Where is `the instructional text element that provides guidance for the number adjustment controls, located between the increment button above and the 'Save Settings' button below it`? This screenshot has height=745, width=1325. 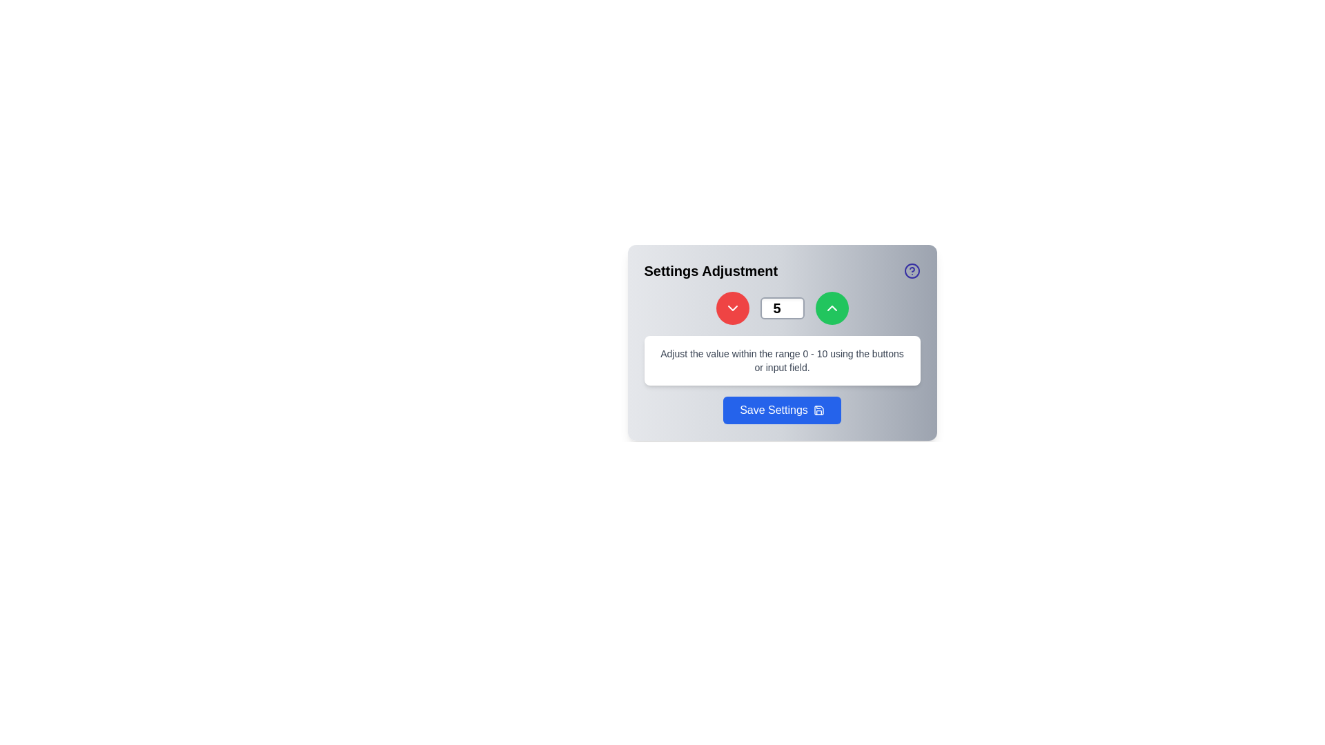
the instructional text element that provides guidance for the number adjustment controls, located between the increment button above and the 'Save Settings' button below it is located at coordinates (782, 360).